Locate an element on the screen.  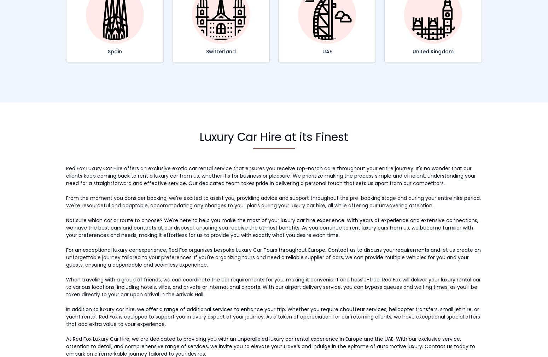
'Spain' is located at coordinates (115, 50).